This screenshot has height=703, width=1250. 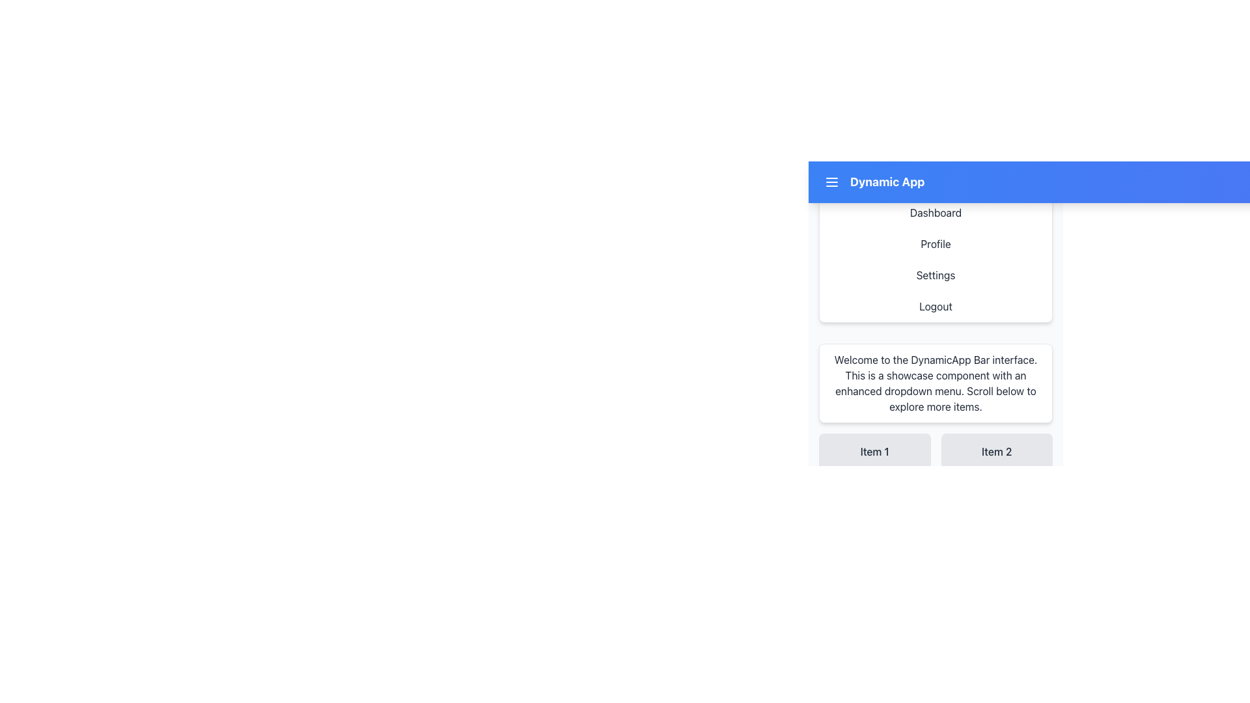 I want to click on the 'Profile' option in the dropdown menu, so click(x=935, y=241).